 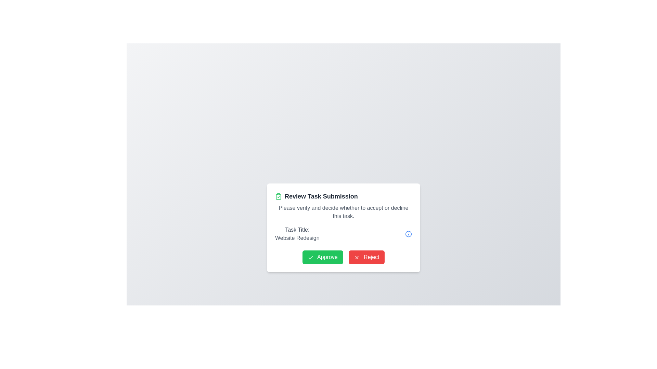 I want to click on the text label displaying 'Review Task Submission' in bold, located at the top of the content card, which has an accompanying green clipboard icon, so click(x=343, y=196).